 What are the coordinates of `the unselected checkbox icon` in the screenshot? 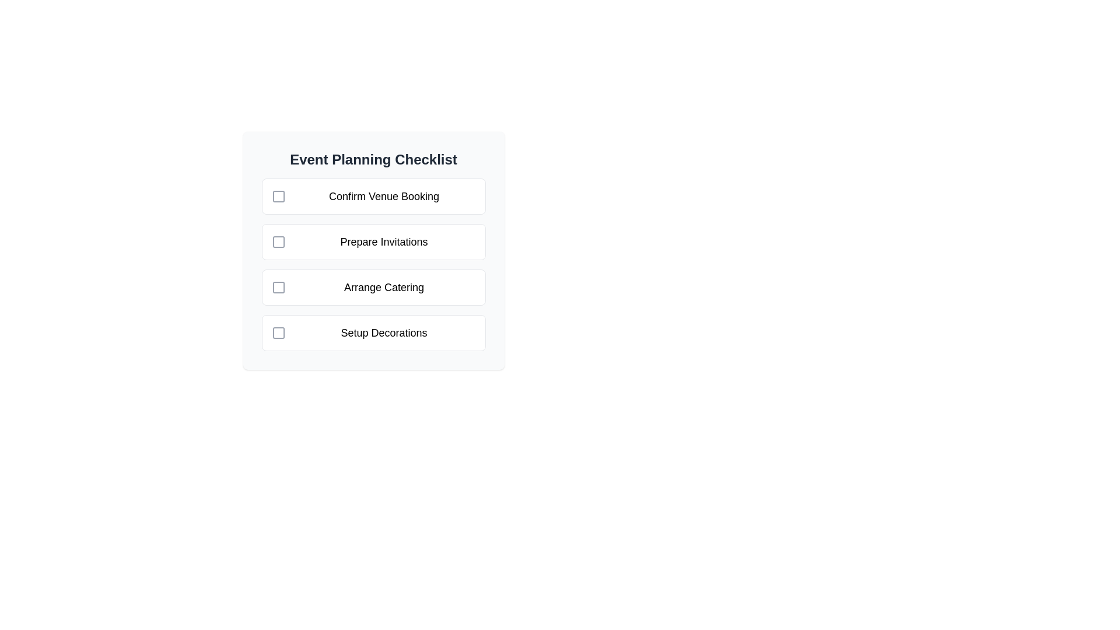 It's located at (278, 242).